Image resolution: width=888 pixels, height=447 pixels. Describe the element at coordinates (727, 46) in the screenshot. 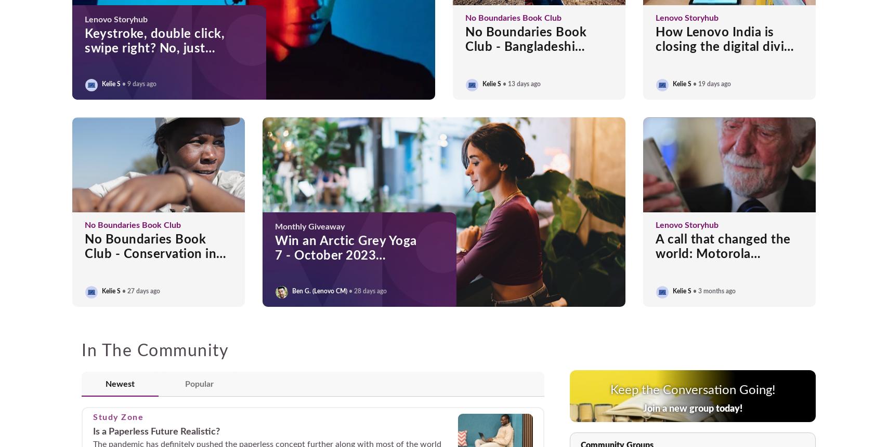

I see `'How Lenovo India is closing the digital divide in rural Gujarat'` at that location.